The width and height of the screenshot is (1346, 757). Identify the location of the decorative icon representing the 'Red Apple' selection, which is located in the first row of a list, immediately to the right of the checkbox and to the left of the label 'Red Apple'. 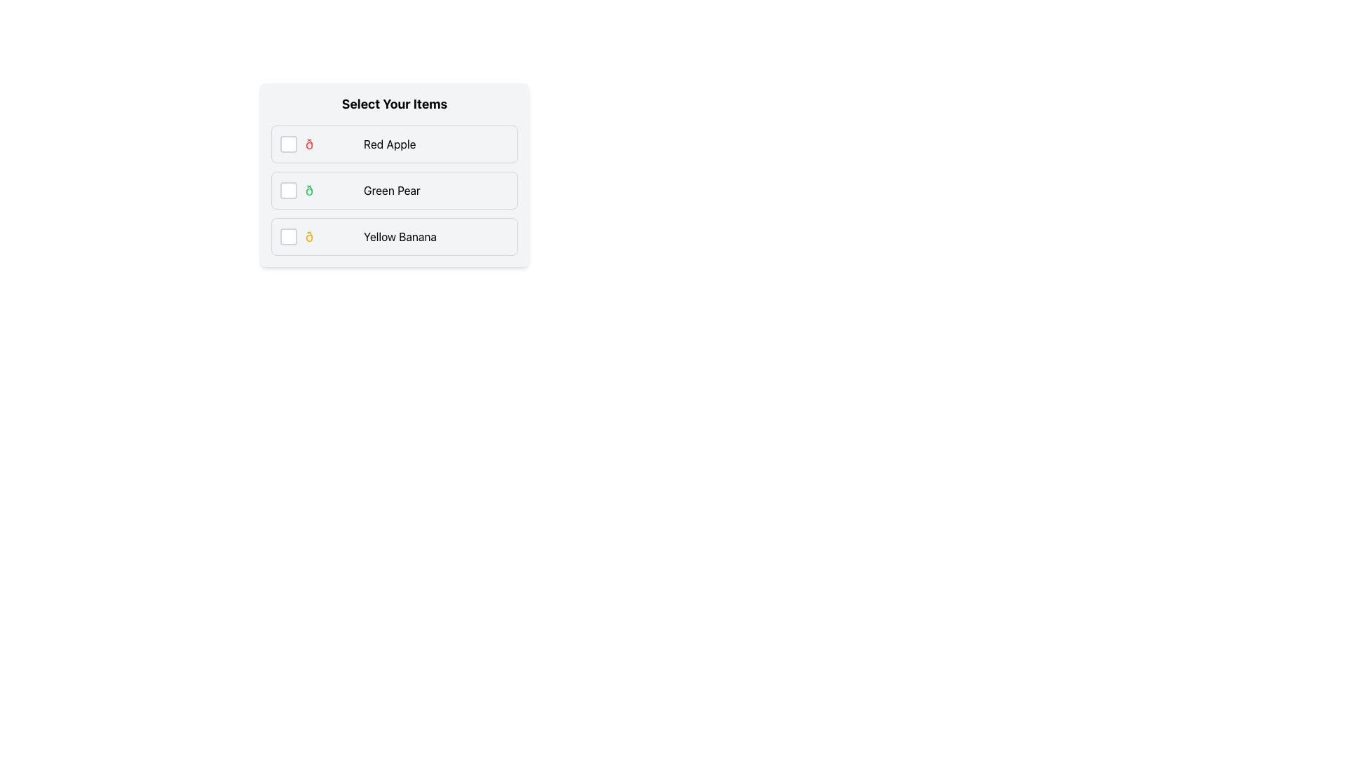
(329, 144).